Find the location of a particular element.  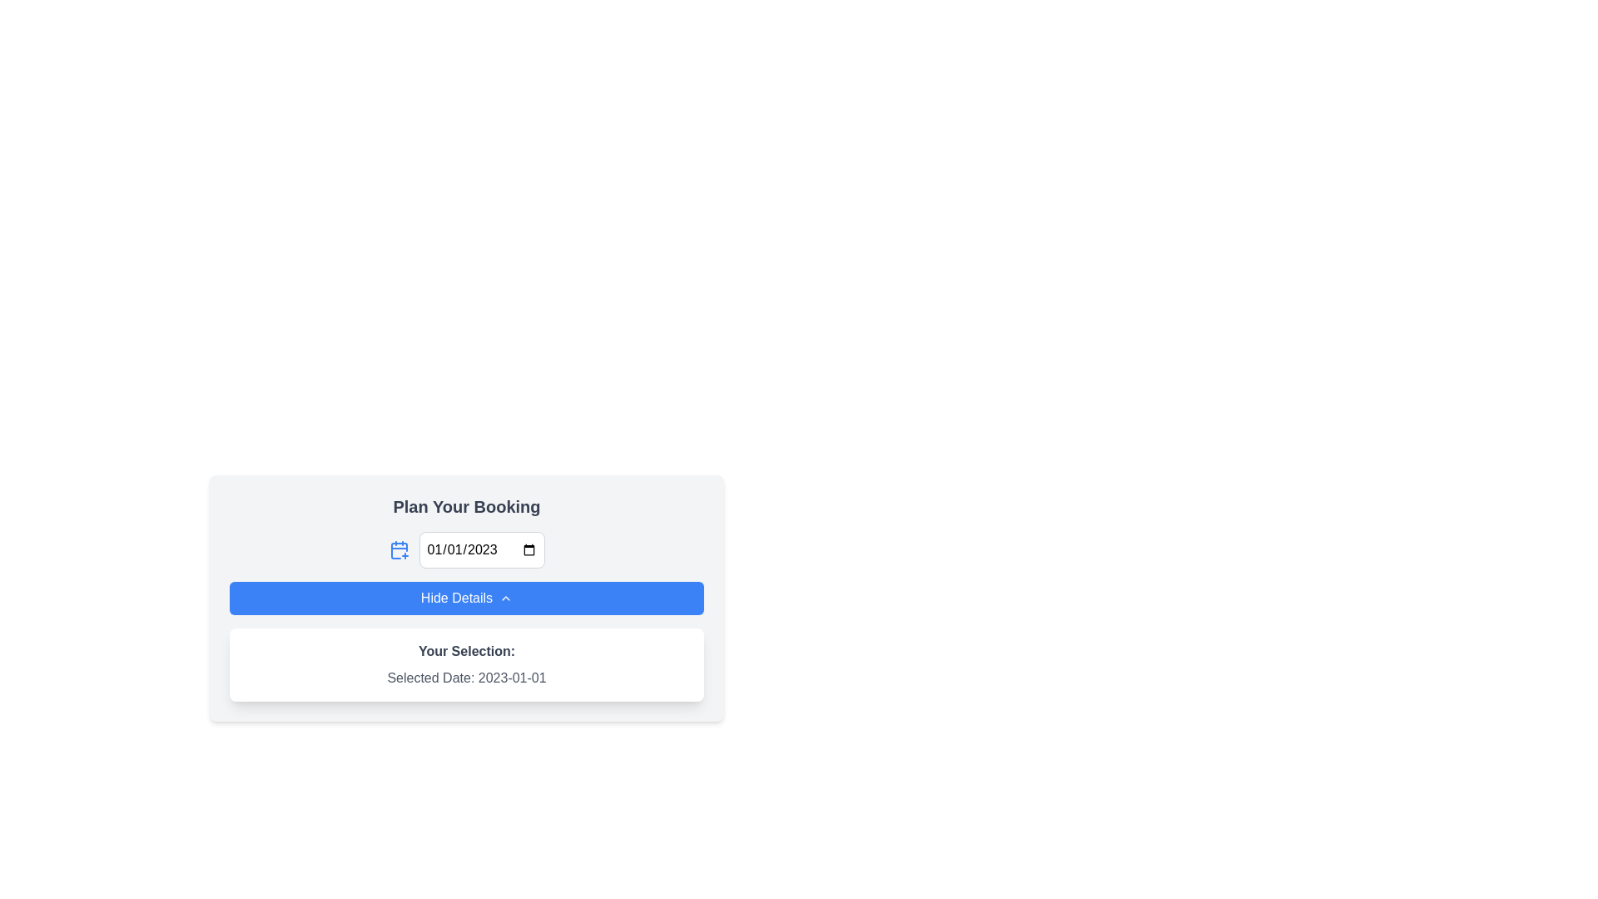

the date input field styled with a light-gray border and background, displaying '01/01/2023', to type a date manually is located at coordinates (481, 549).